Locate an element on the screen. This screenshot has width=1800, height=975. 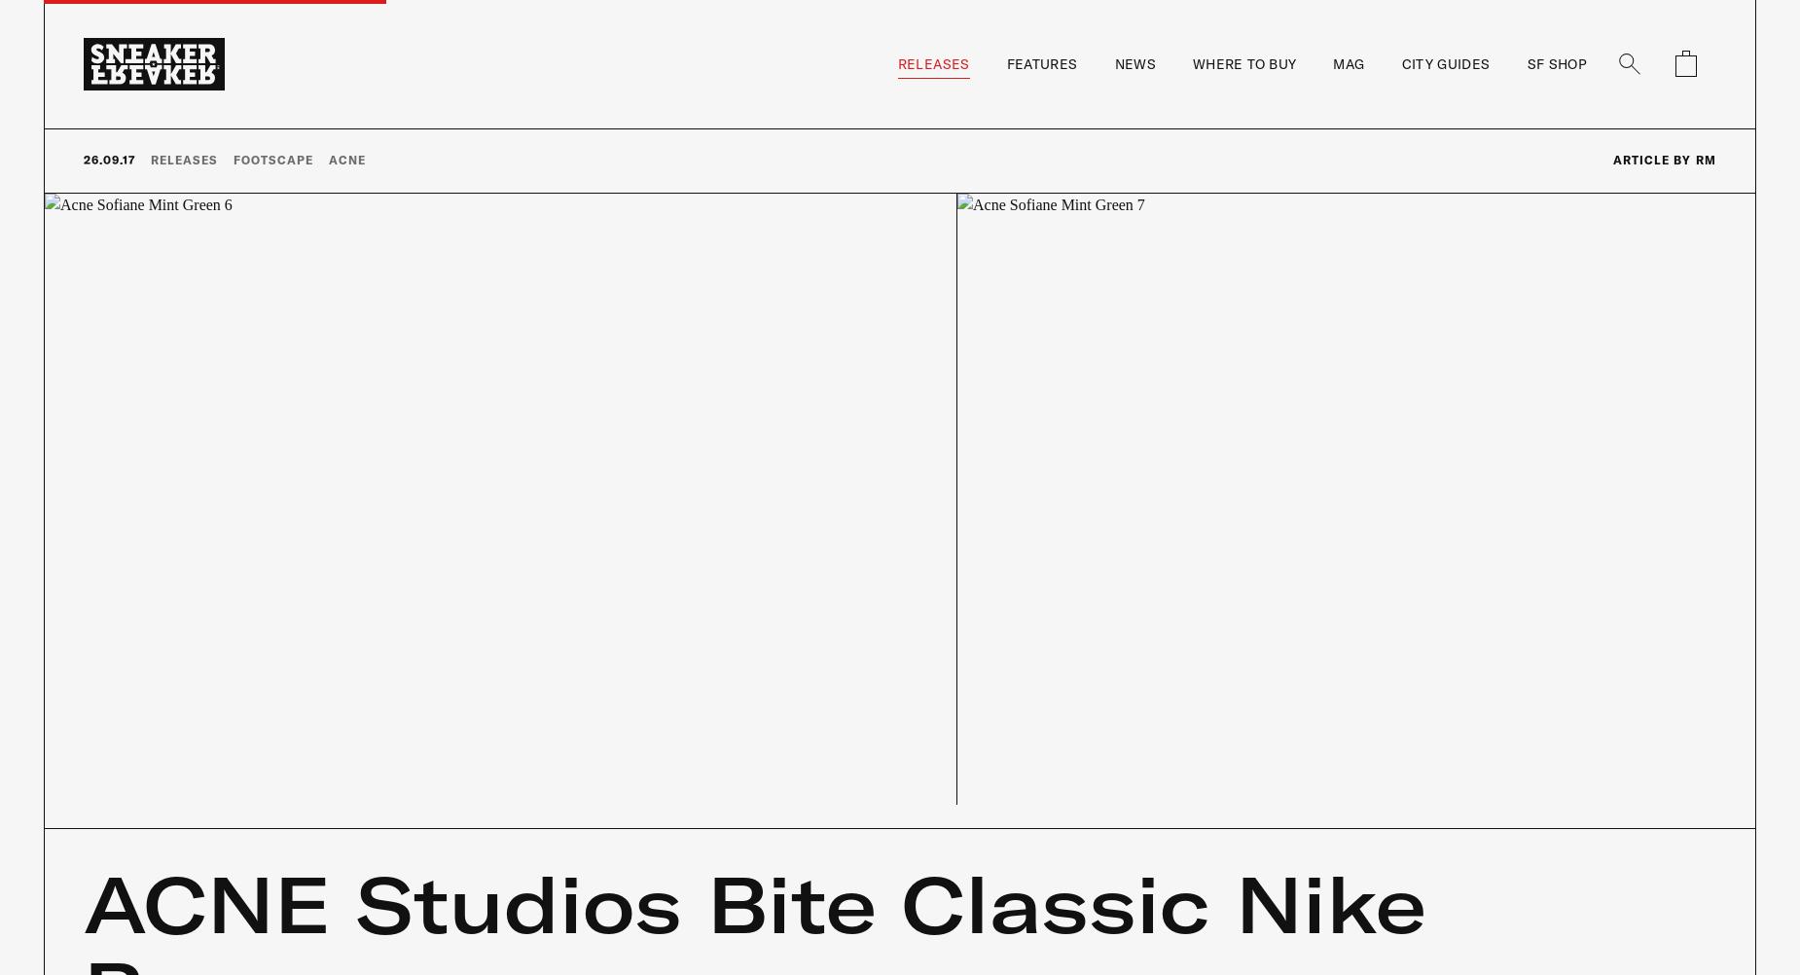
'RM' is located at coordinates (1706, 158).